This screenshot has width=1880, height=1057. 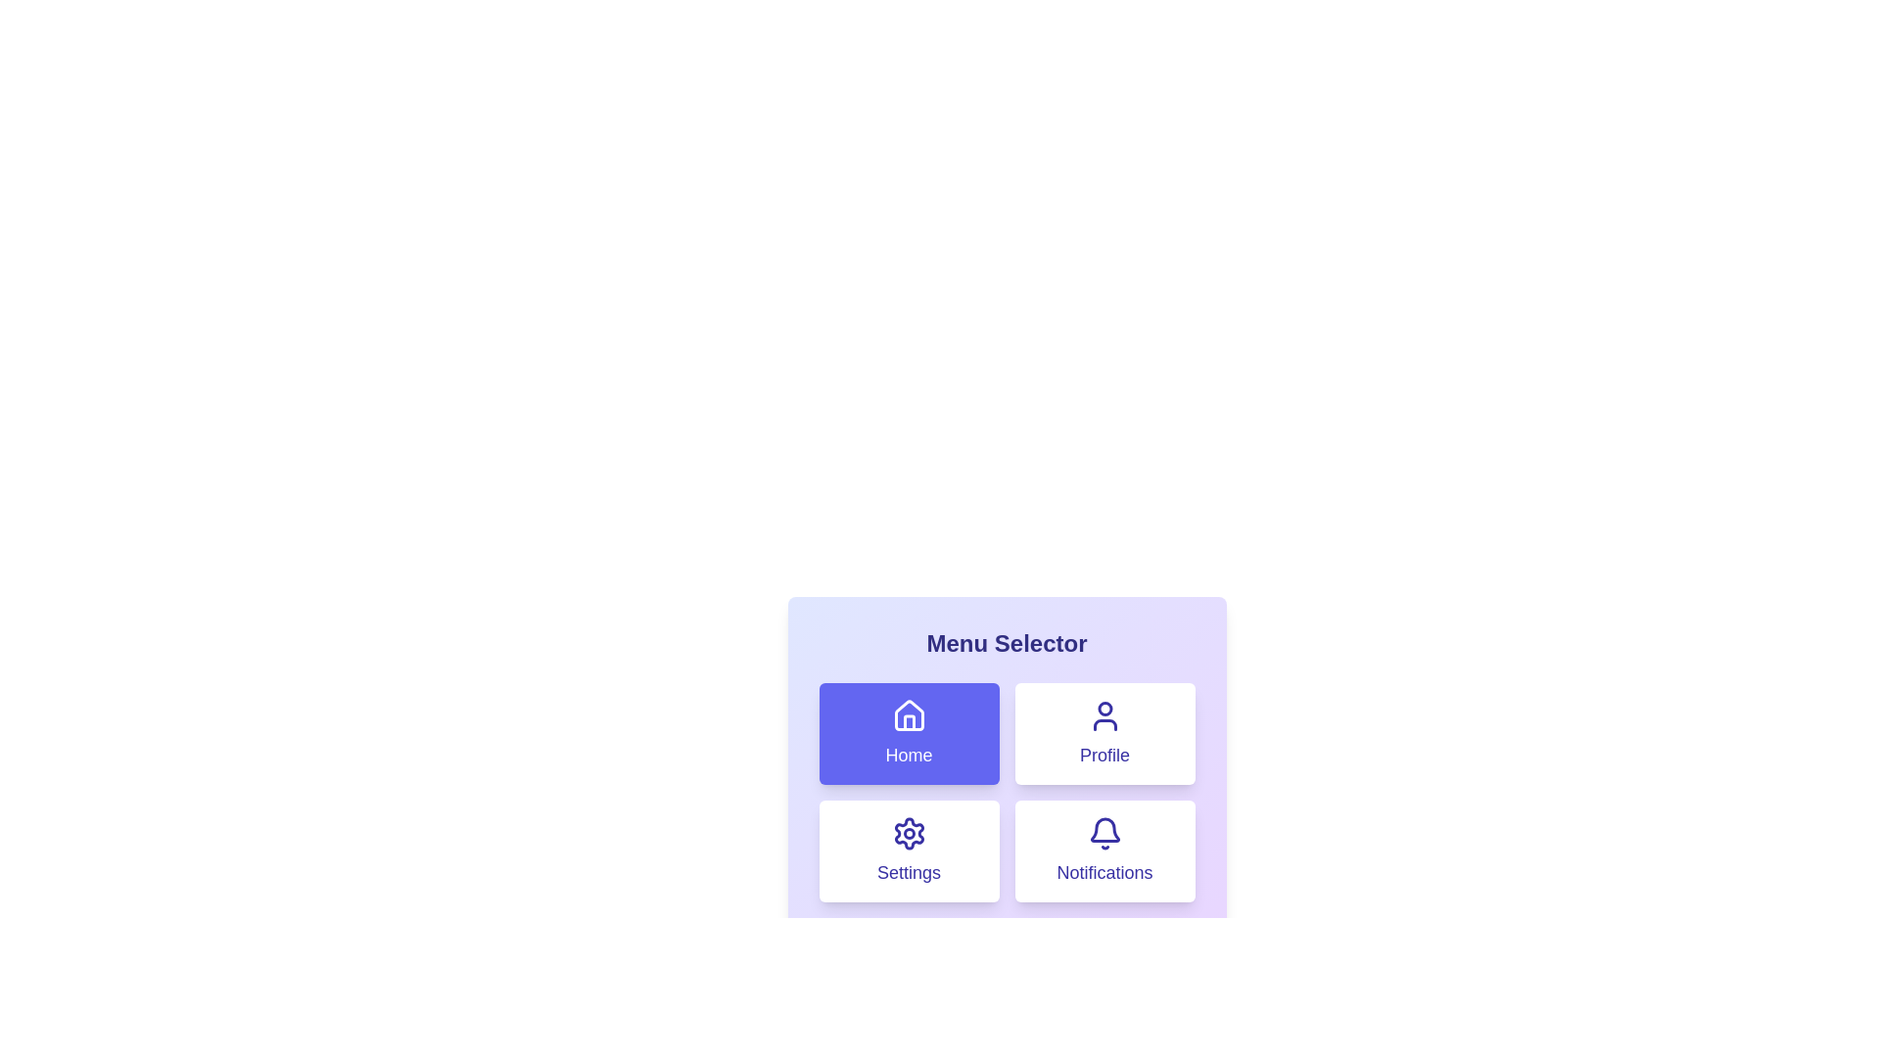 What do you see at coordinates (908, 733) in the screenshot?
I see `the menu option Home to select it` at bounding box center [908, 733].